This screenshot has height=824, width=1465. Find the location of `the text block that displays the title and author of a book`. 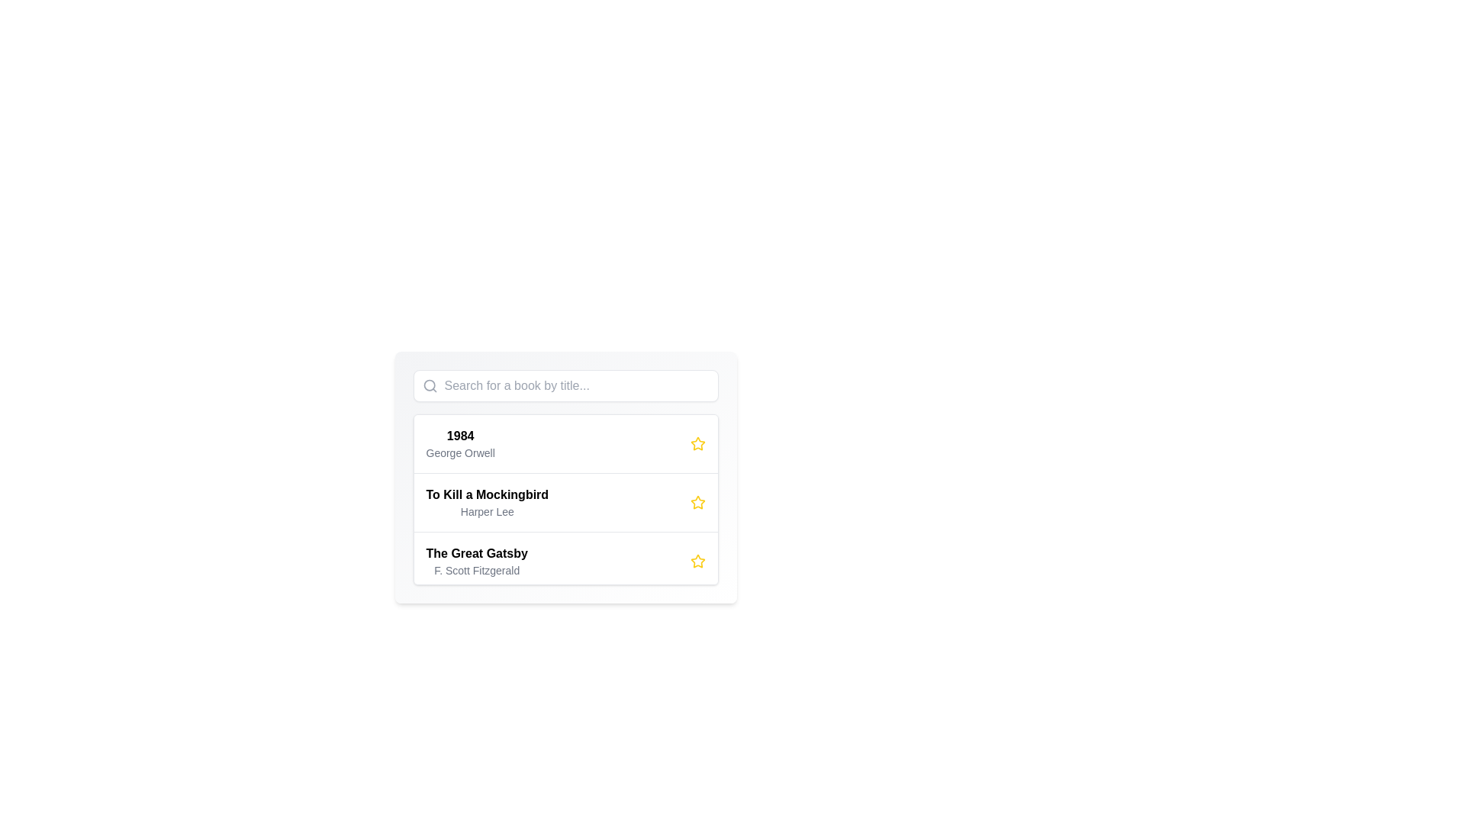

the text block that displays the title and author of a book is located at coordinates (459, 444).